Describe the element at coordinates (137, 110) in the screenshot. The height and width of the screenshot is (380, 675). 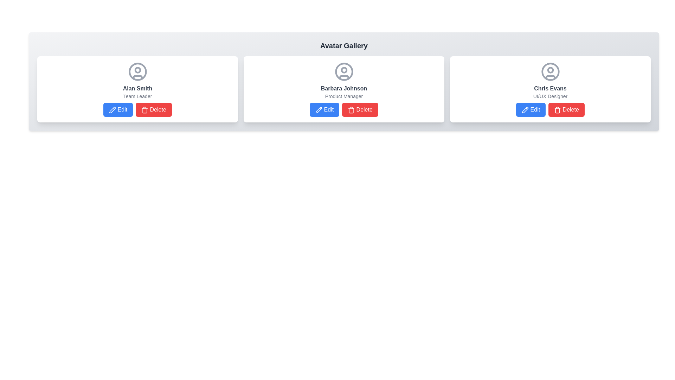
I see `the 'Delete' button, which is part of a composite UI element with horizontally aligned buttons labeled 'Edit' and 'Delete', located below the title 'Alan Smith' and subtitle 'Team Leader'` at that location.